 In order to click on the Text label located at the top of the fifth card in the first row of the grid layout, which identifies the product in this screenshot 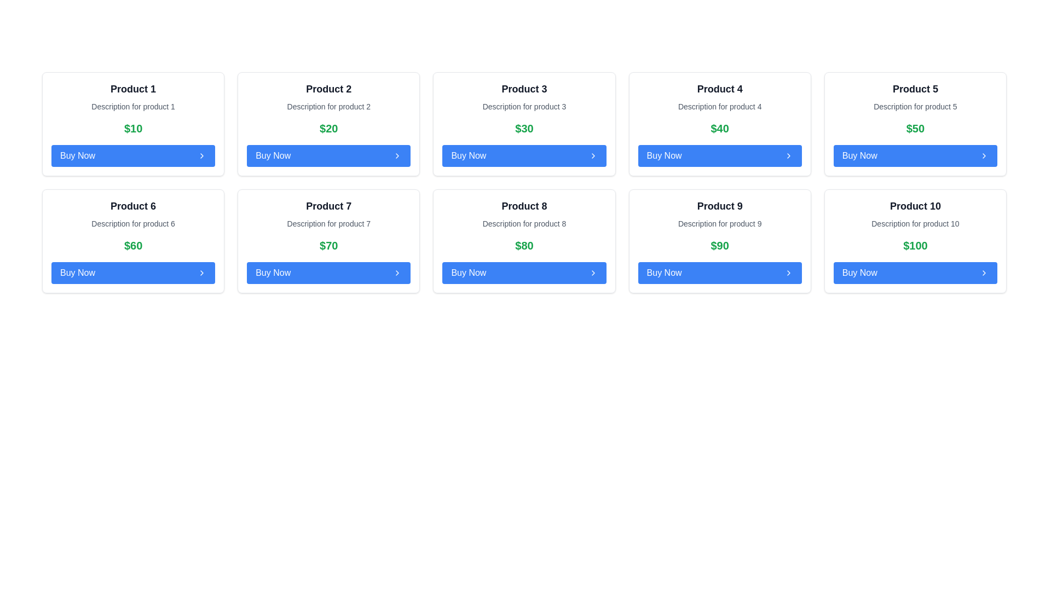, I will do `click(915, 88)`.